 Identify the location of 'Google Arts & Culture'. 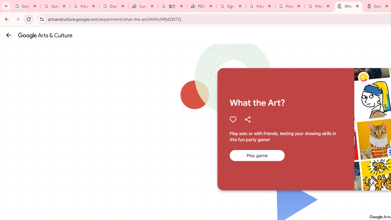
(45, 35).